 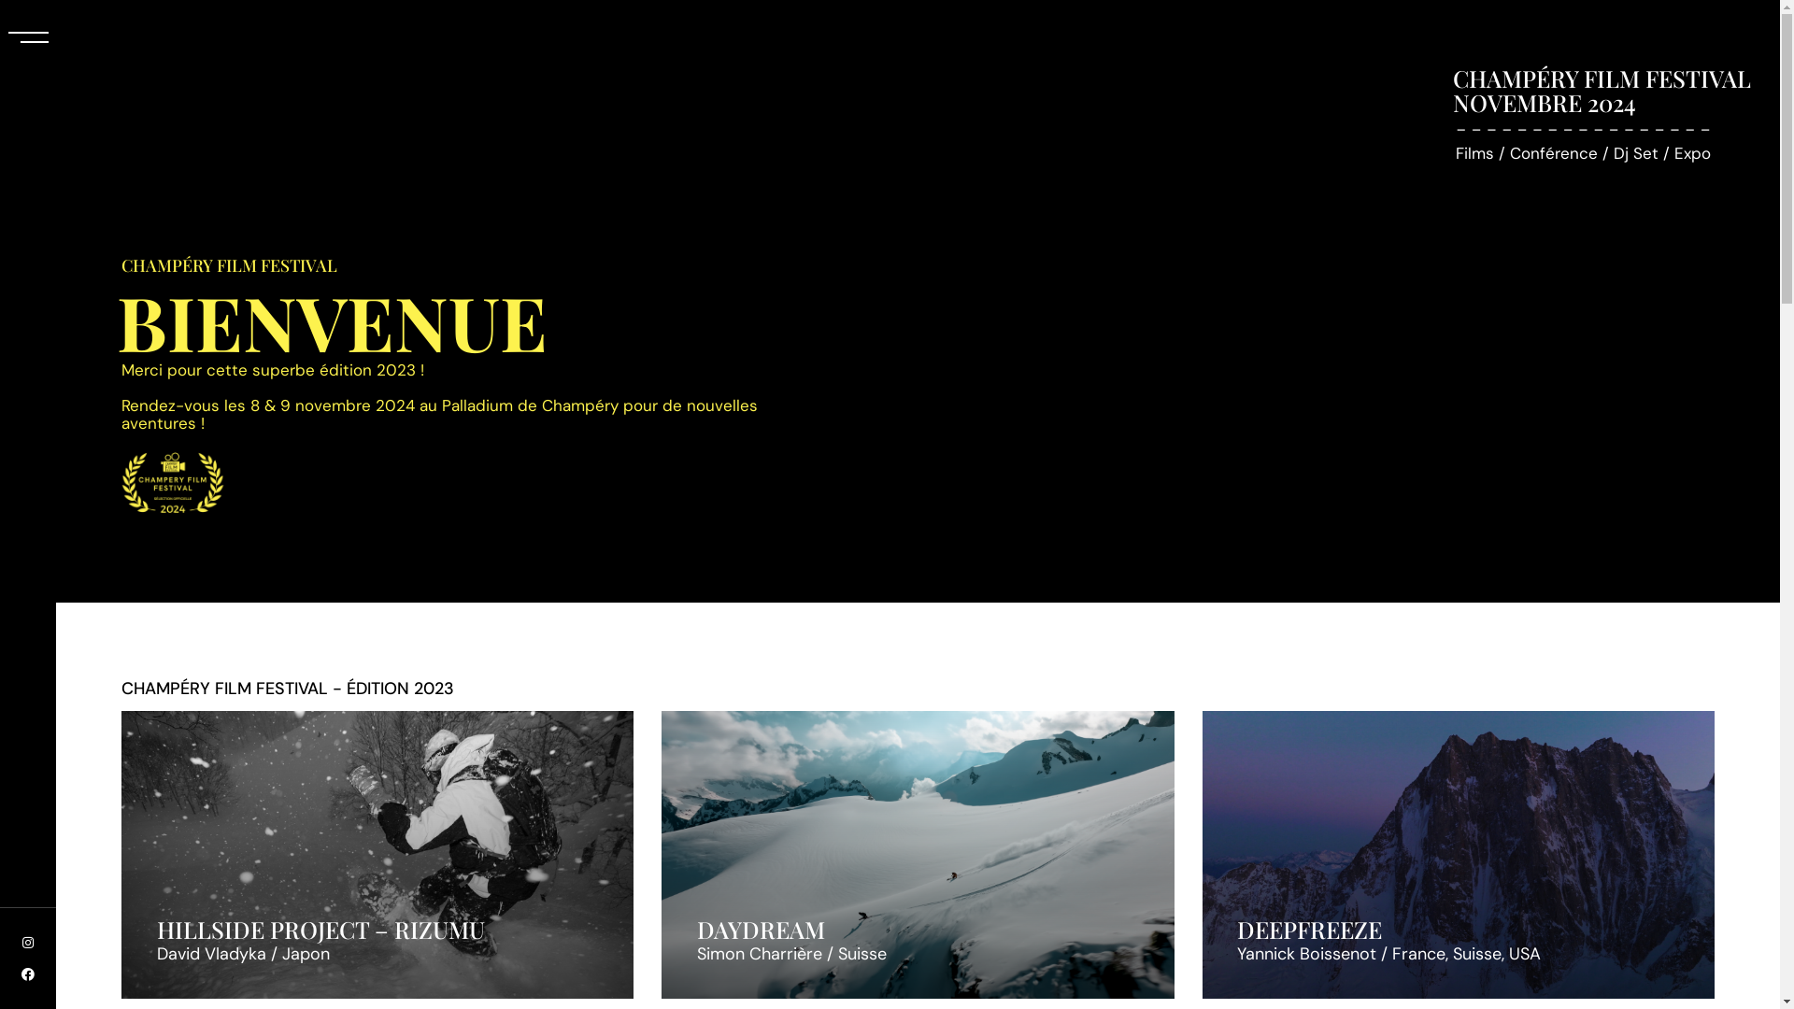 I want to click on 'DEEPFREEZE', so click(x=1308, y=929).